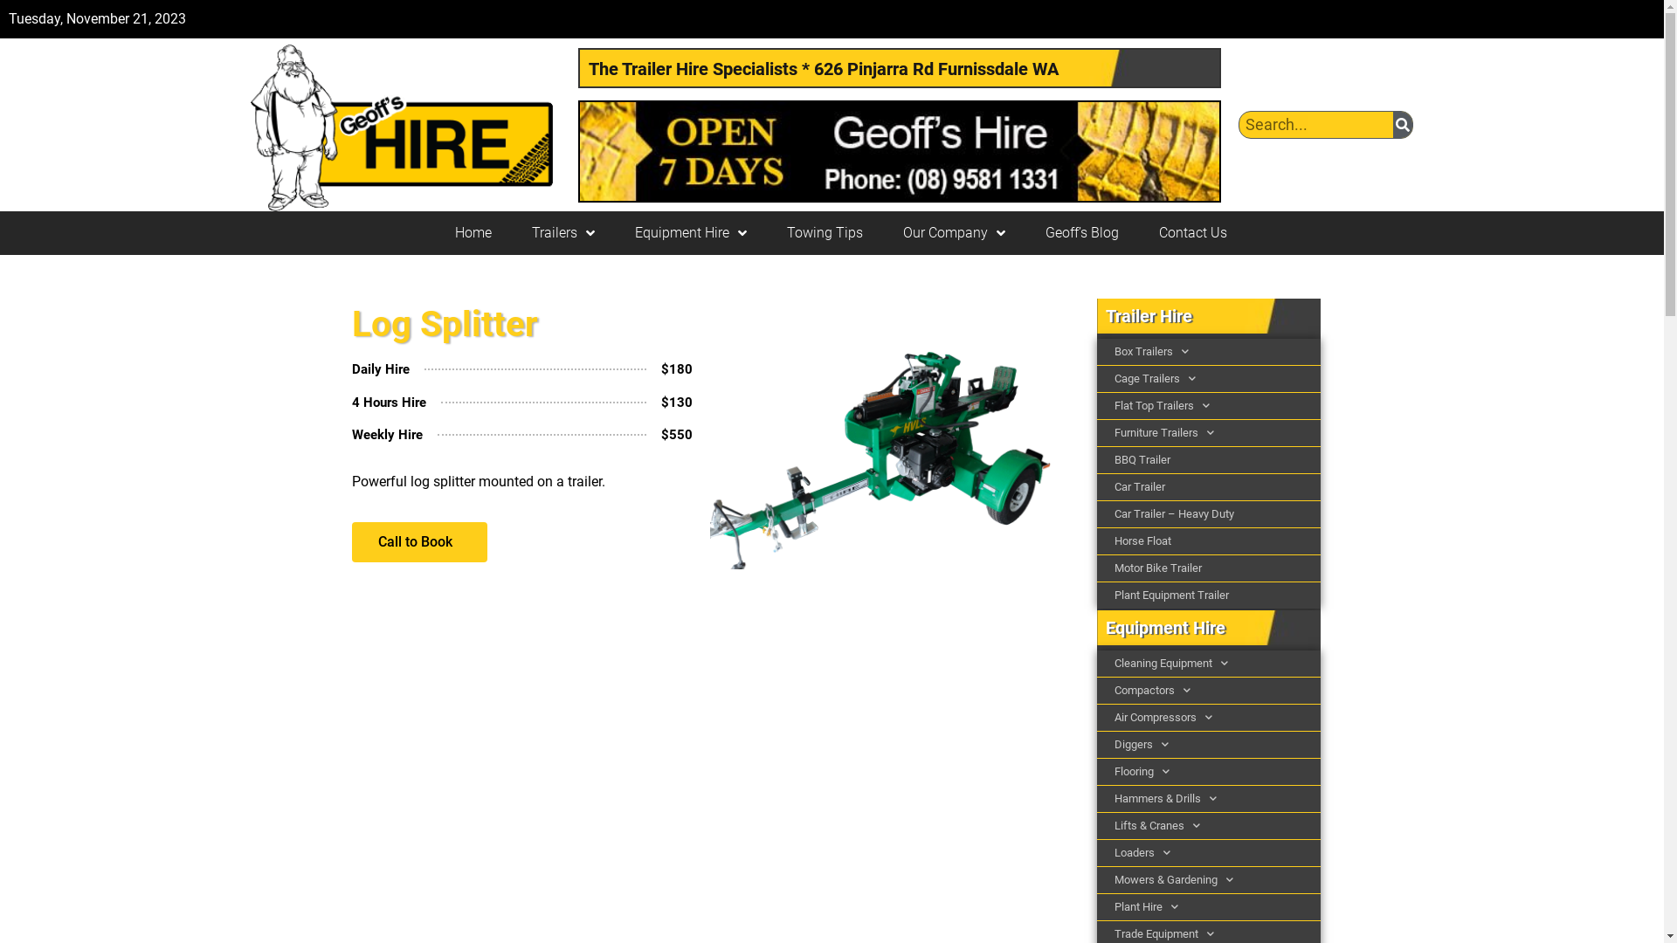 This screenshot has width=1677, height=943. I want to click on 'Compactors', so click(1207, 689).